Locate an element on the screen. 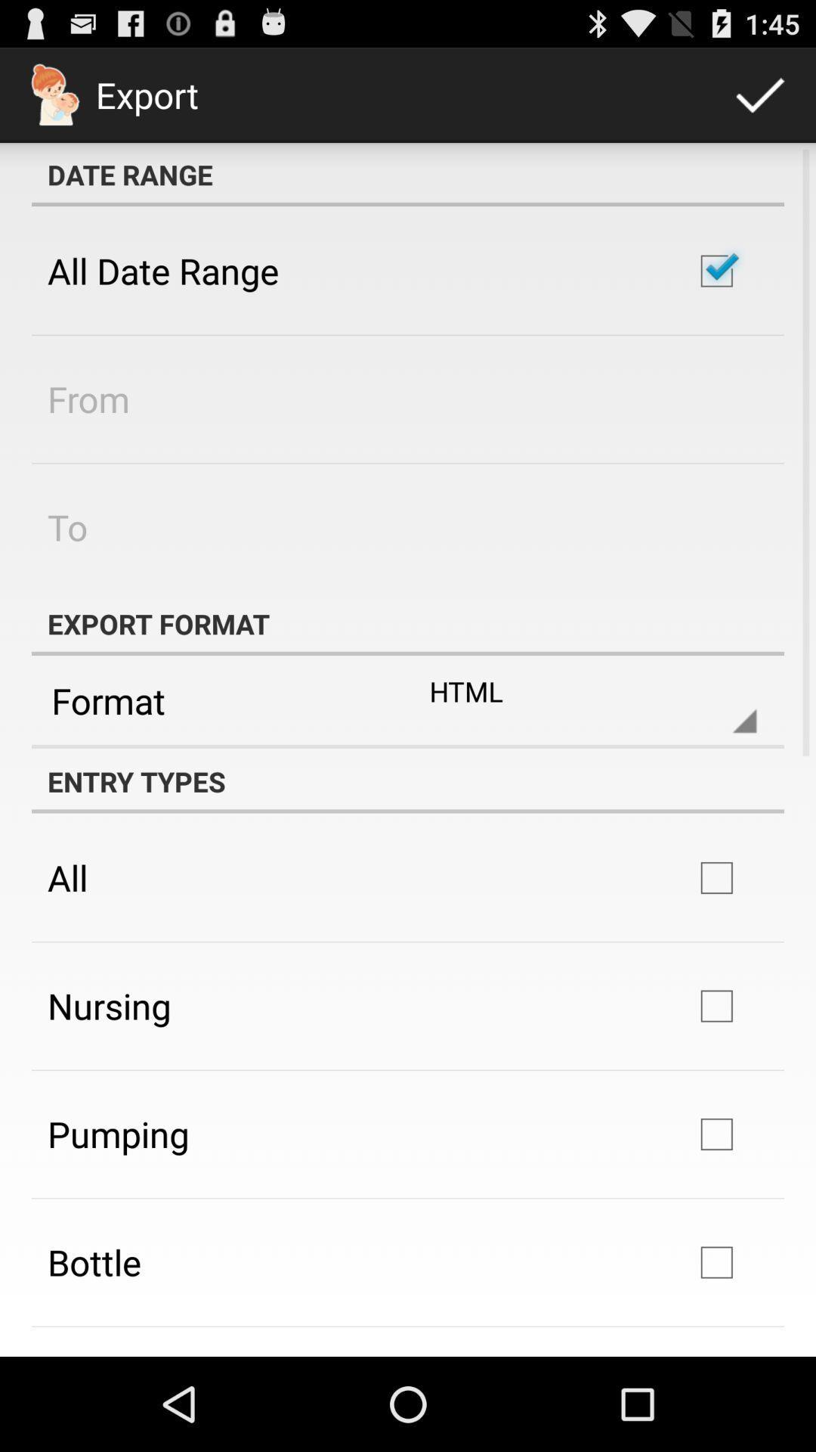  the icon to the right of export app is located at coordinates (760, 94).